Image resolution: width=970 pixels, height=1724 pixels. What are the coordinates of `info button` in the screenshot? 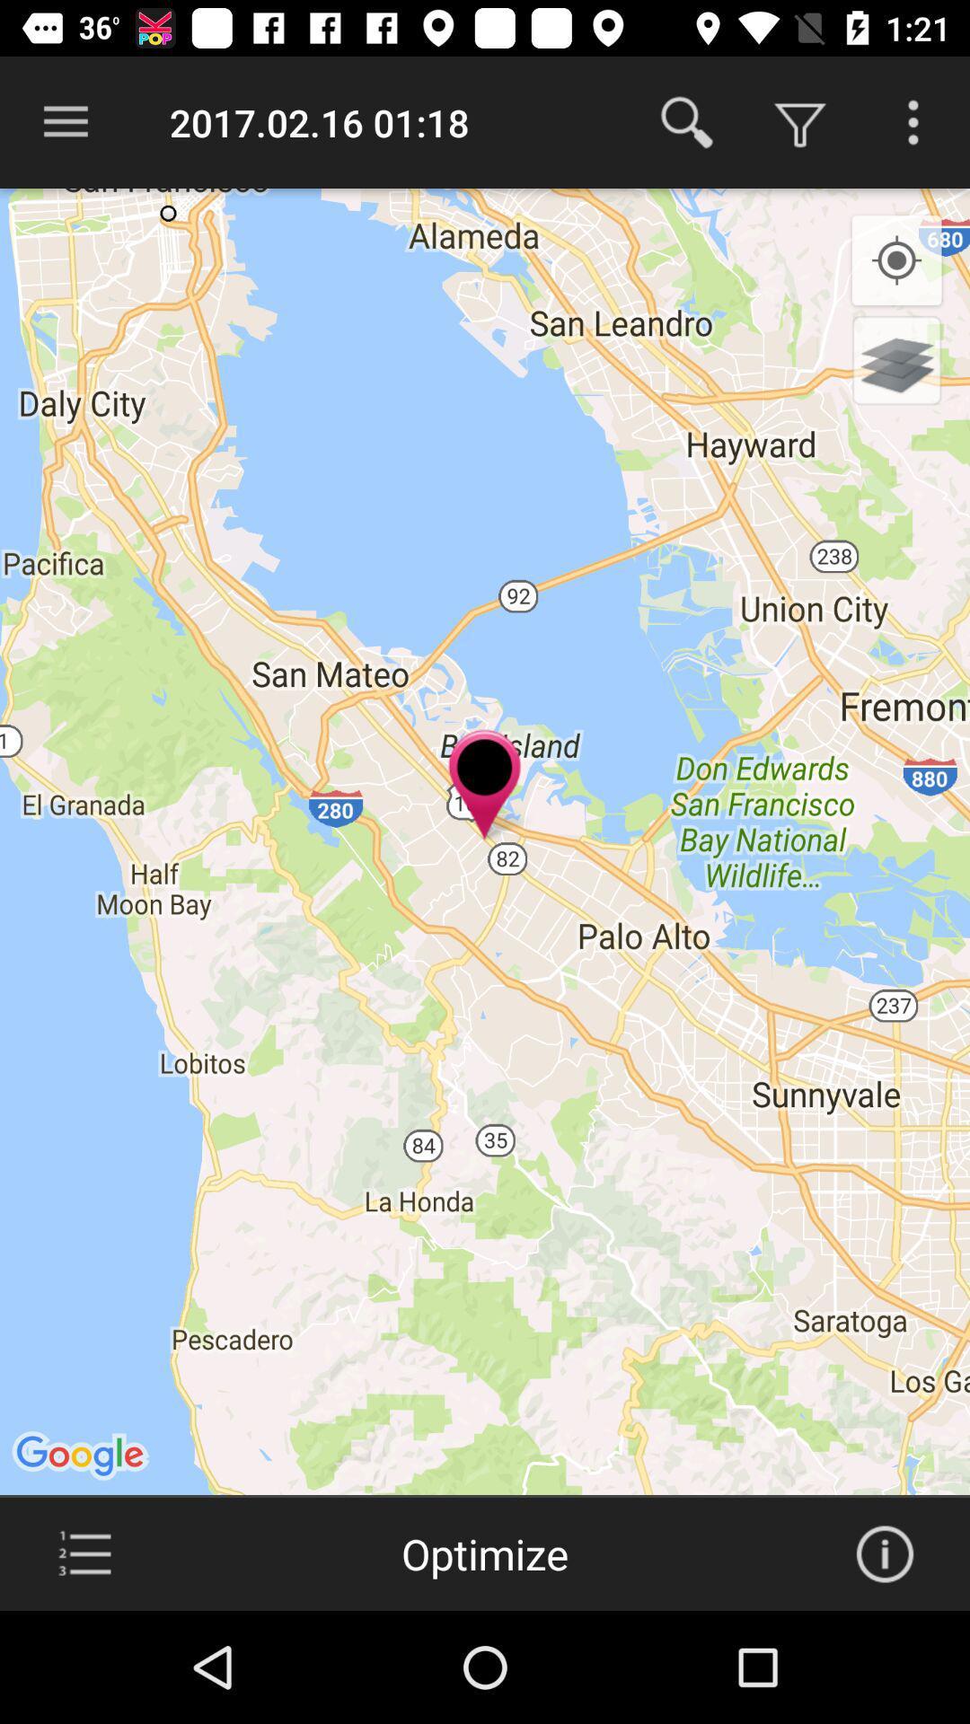 It's located at (884, 1553).